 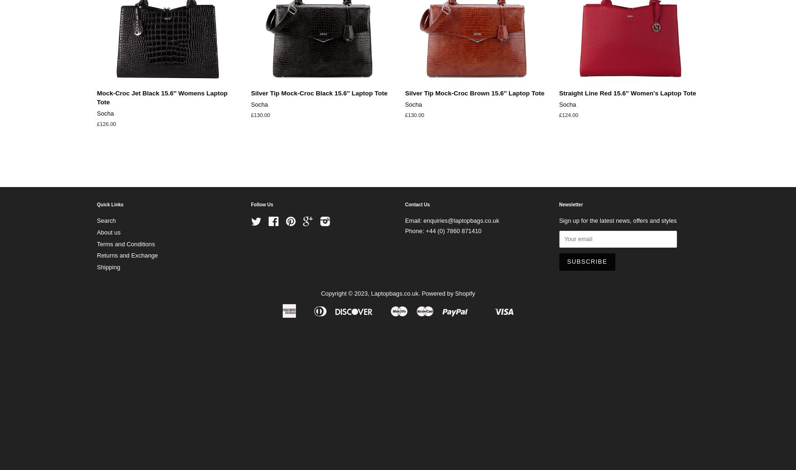 What do you see at coordinates (568, 115) in the screenshot?
I see `'£124.00'` at bounding box center [568, 115].